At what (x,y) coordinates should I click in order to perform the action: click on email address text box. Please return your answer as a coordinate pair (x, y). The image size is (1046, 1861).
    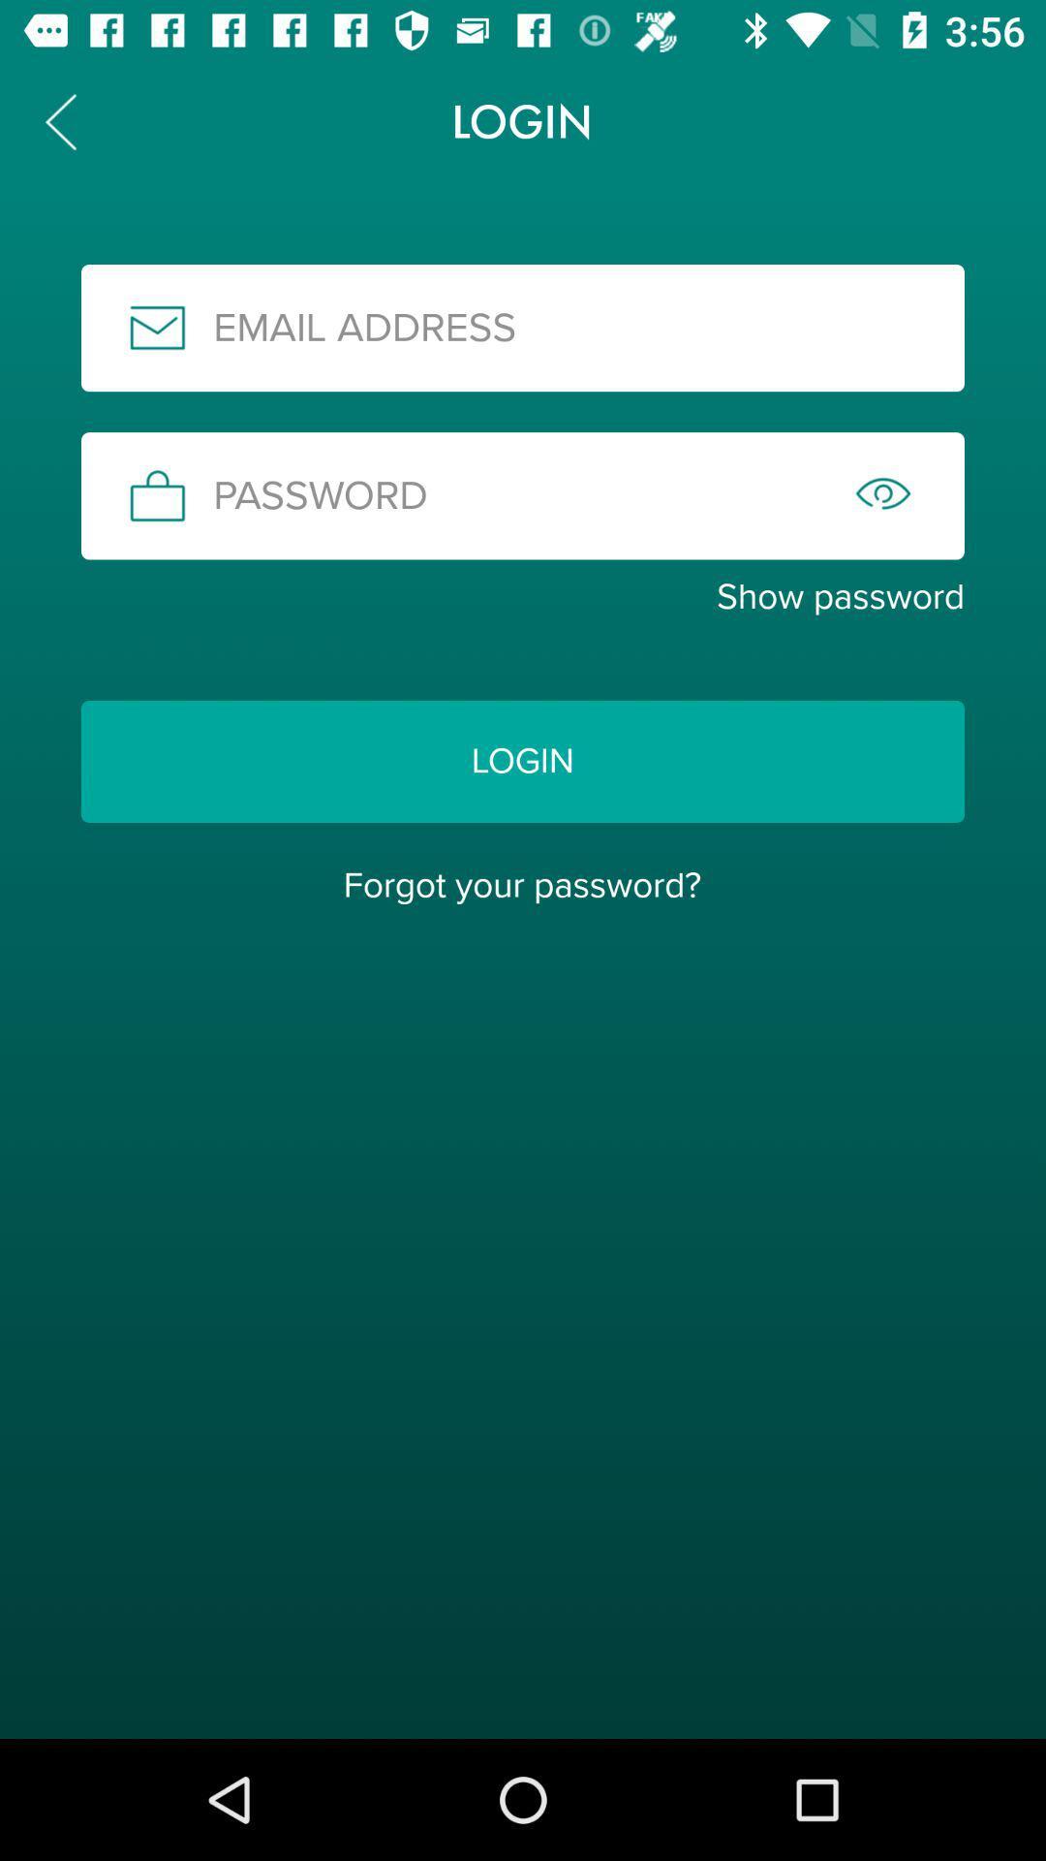
    Looking at the image, I should click on (523, 328).